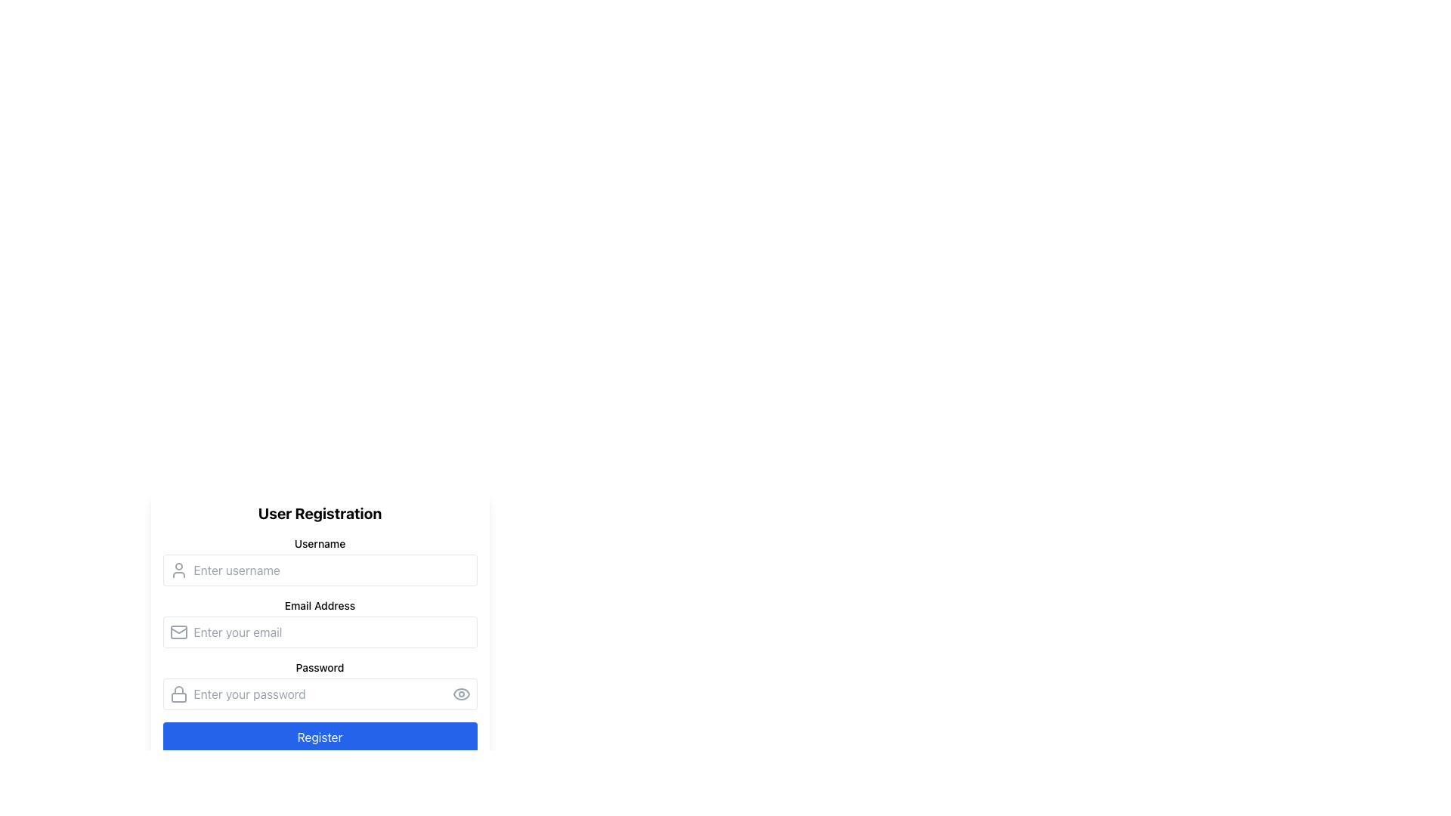 Image resolution: width=1451 pixels, height=816 pixels. Describe the element at coordinates (319, 605) in the screenshot. I see `the label element that describes the email input field, which is positioned above the email input field in the form` at that location.